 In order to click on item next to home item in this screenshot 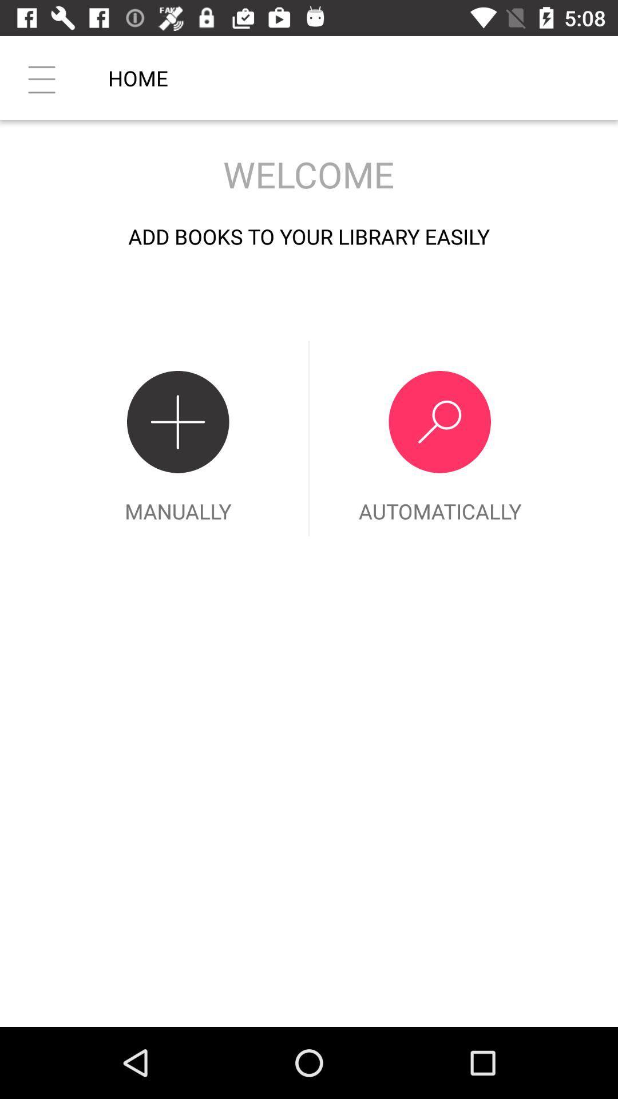, I will do `click(41, 77)`.